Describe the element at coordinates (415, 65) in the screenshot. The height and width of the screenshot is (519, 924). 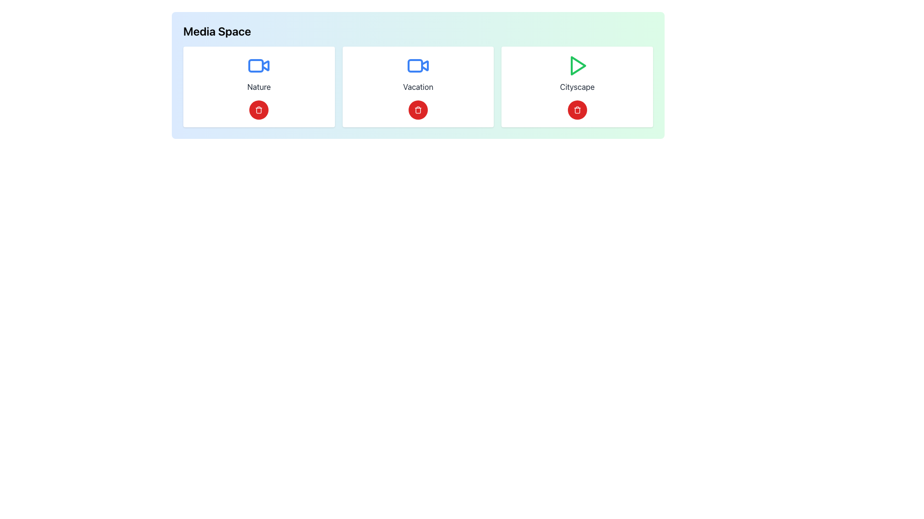
I see `the center of the video-related feature icon labeled 'Vacation' located in the middle card of a horizontal sequence of three cards` at that location.